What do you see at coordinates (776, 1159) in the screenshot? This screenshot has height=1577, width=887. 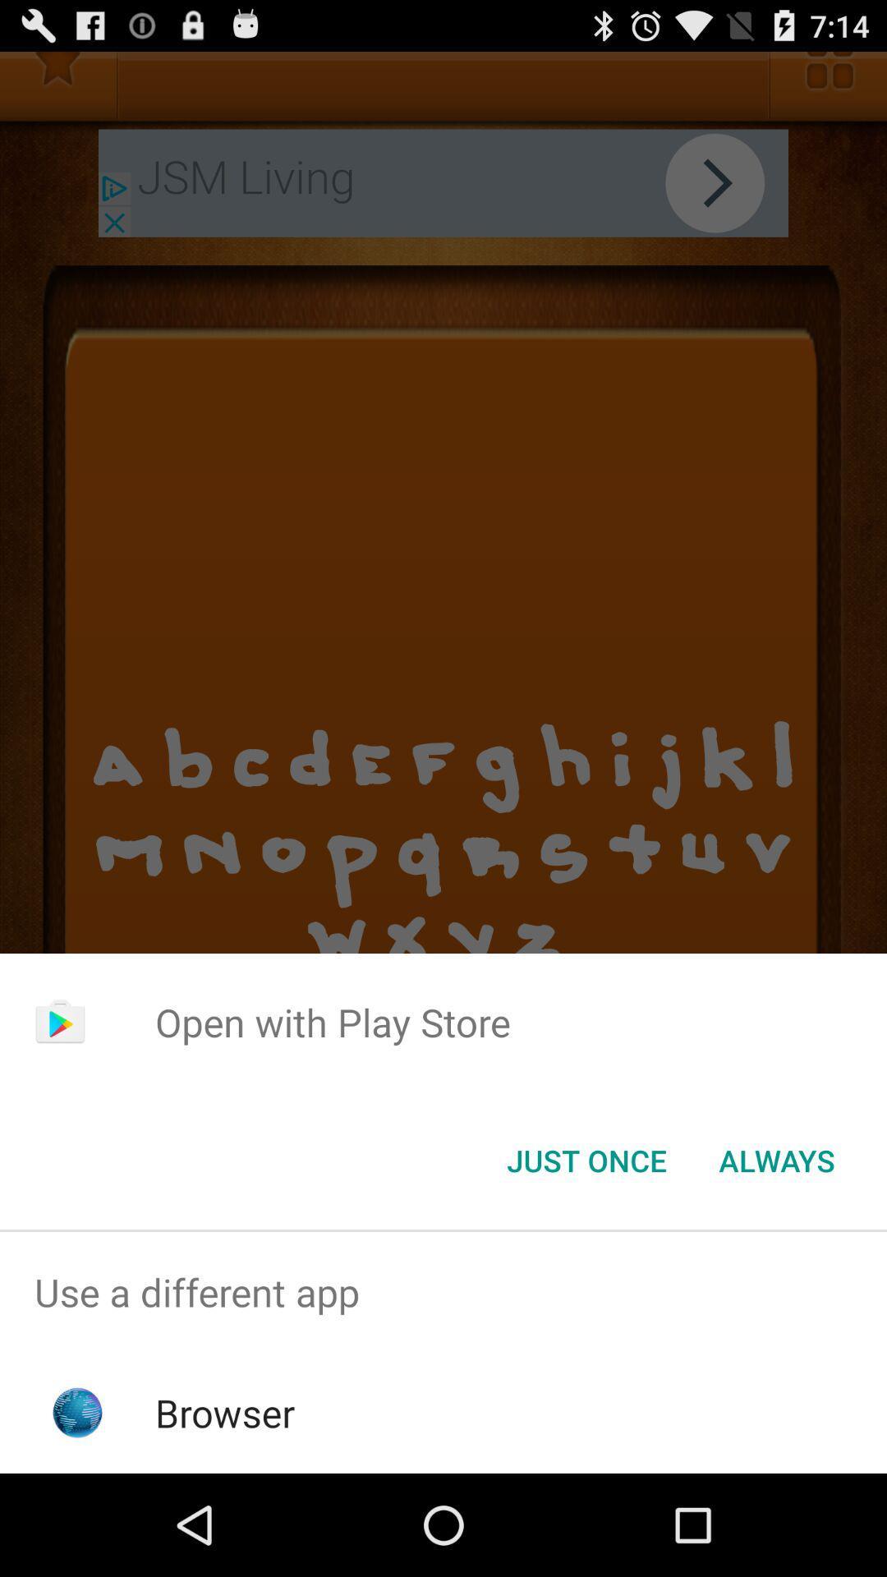 I see `the always button` at bounding box center [776, 1159].